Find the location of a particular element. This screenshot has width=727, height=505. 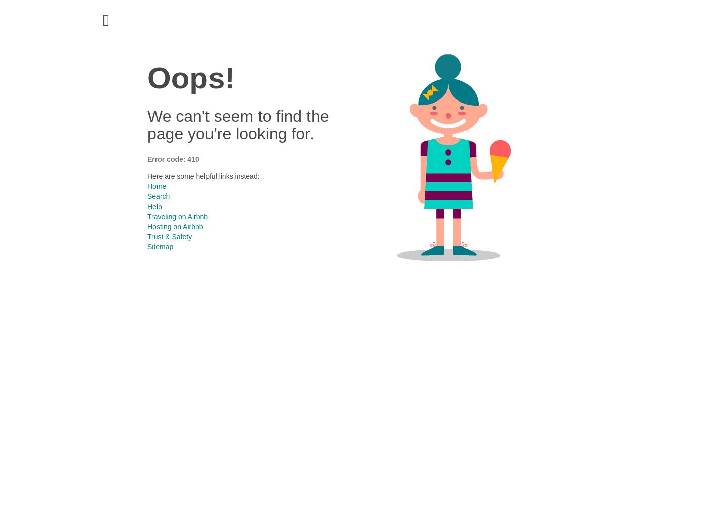

'Oops!' is located at coordinates (190, 78).